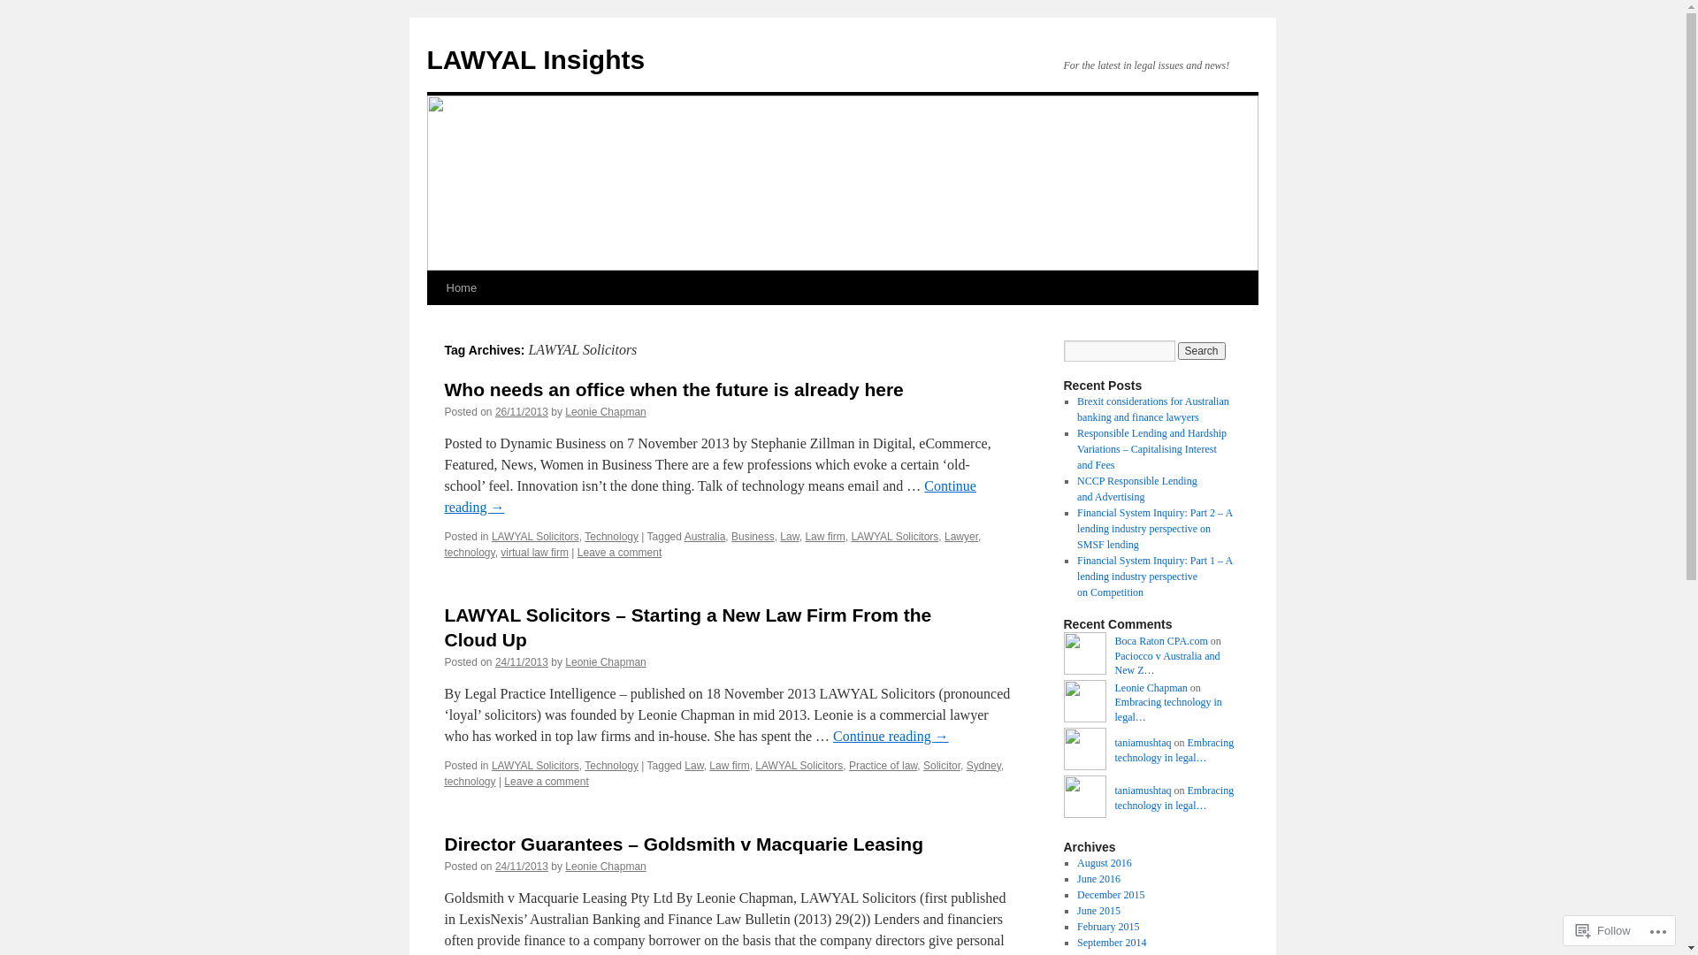 The image size is (1698, 955). Describe the element at coordinates (1111, 941) in the screenshot. I see `'September 2014'` at that location.